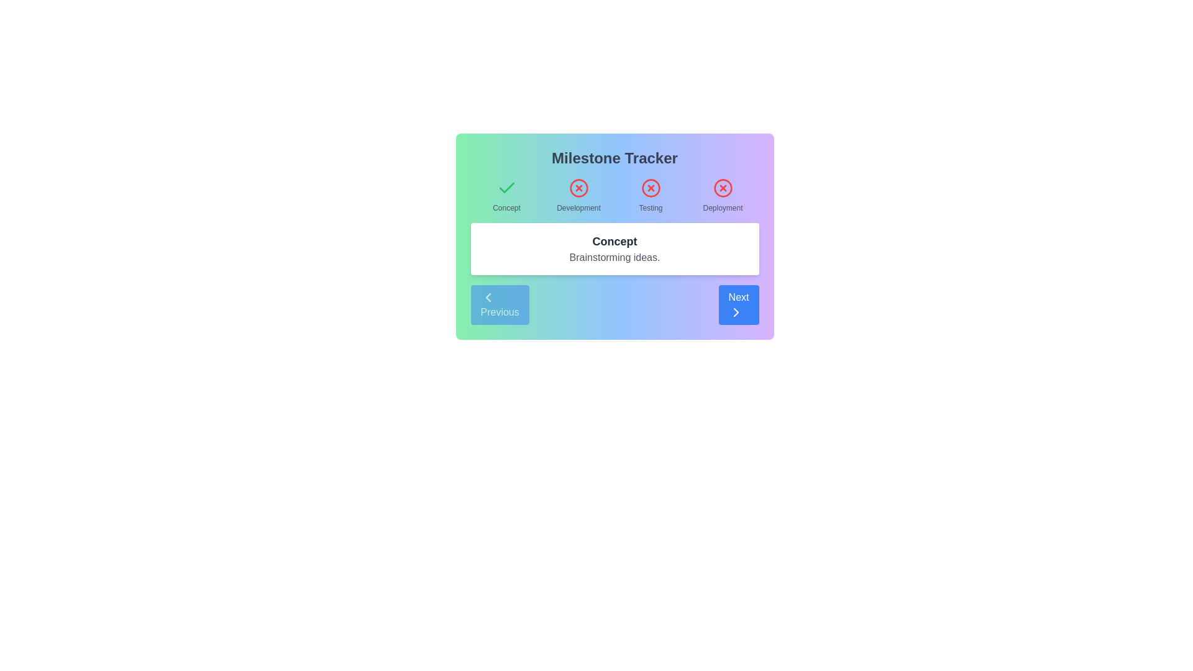  What do you see at coordinates (487, 297) in the screenshot?
I see `the left chevron SVG icon inside the 'Previous' button to interact with the button and navigate to the previous step or page` at bounding box center [487, 297].